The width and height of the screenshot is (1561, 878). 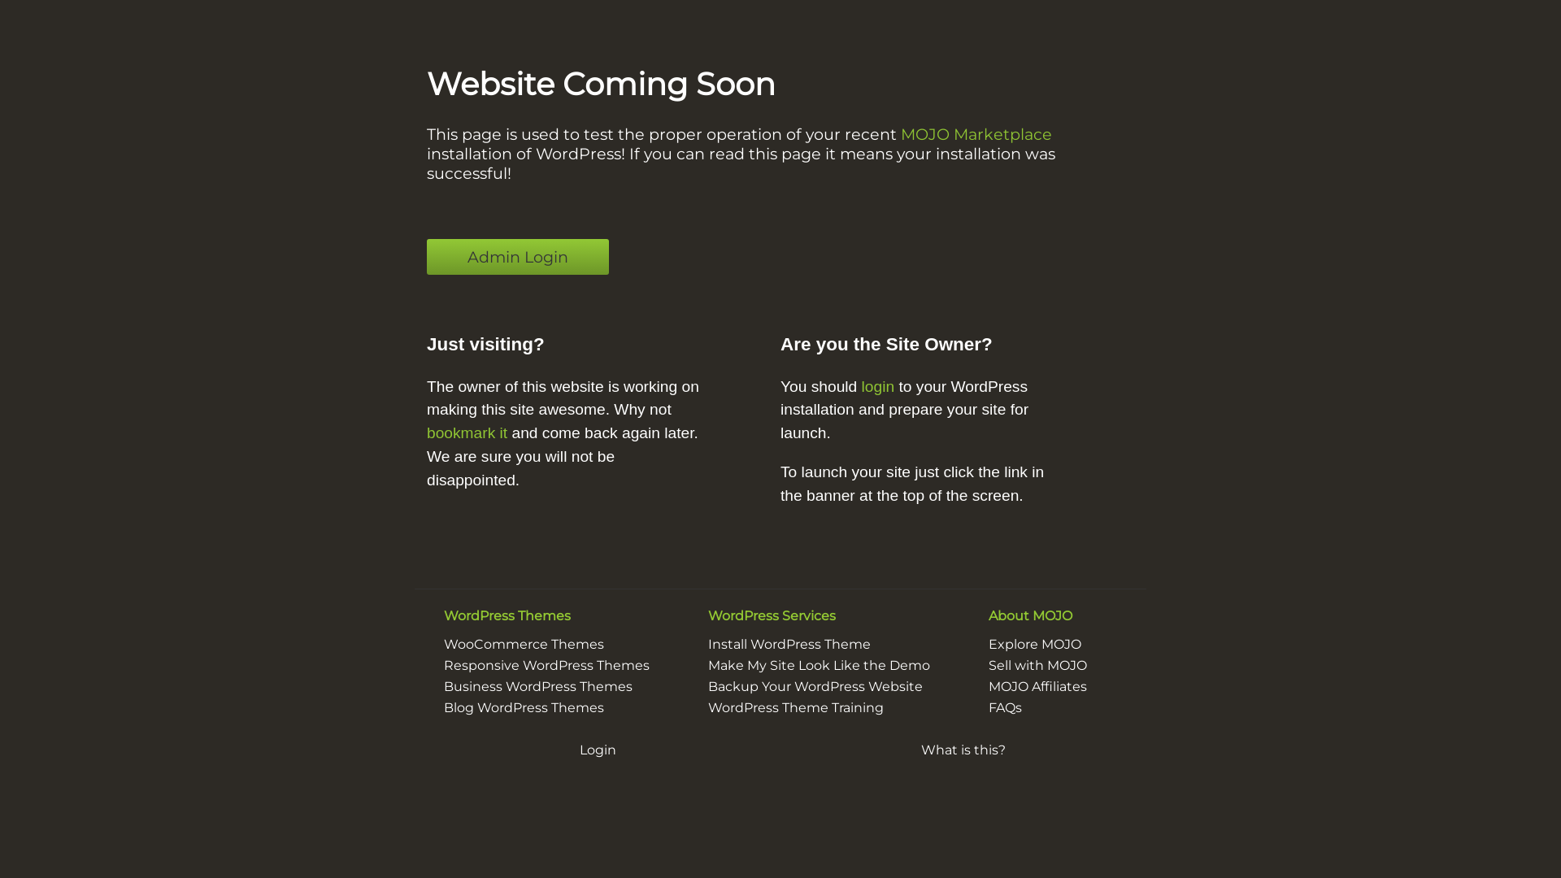 What do you see at coordinates (1033, 643) in the screenshot?
I see `'Explore MOJO'` at bounding box center [1033, 643].